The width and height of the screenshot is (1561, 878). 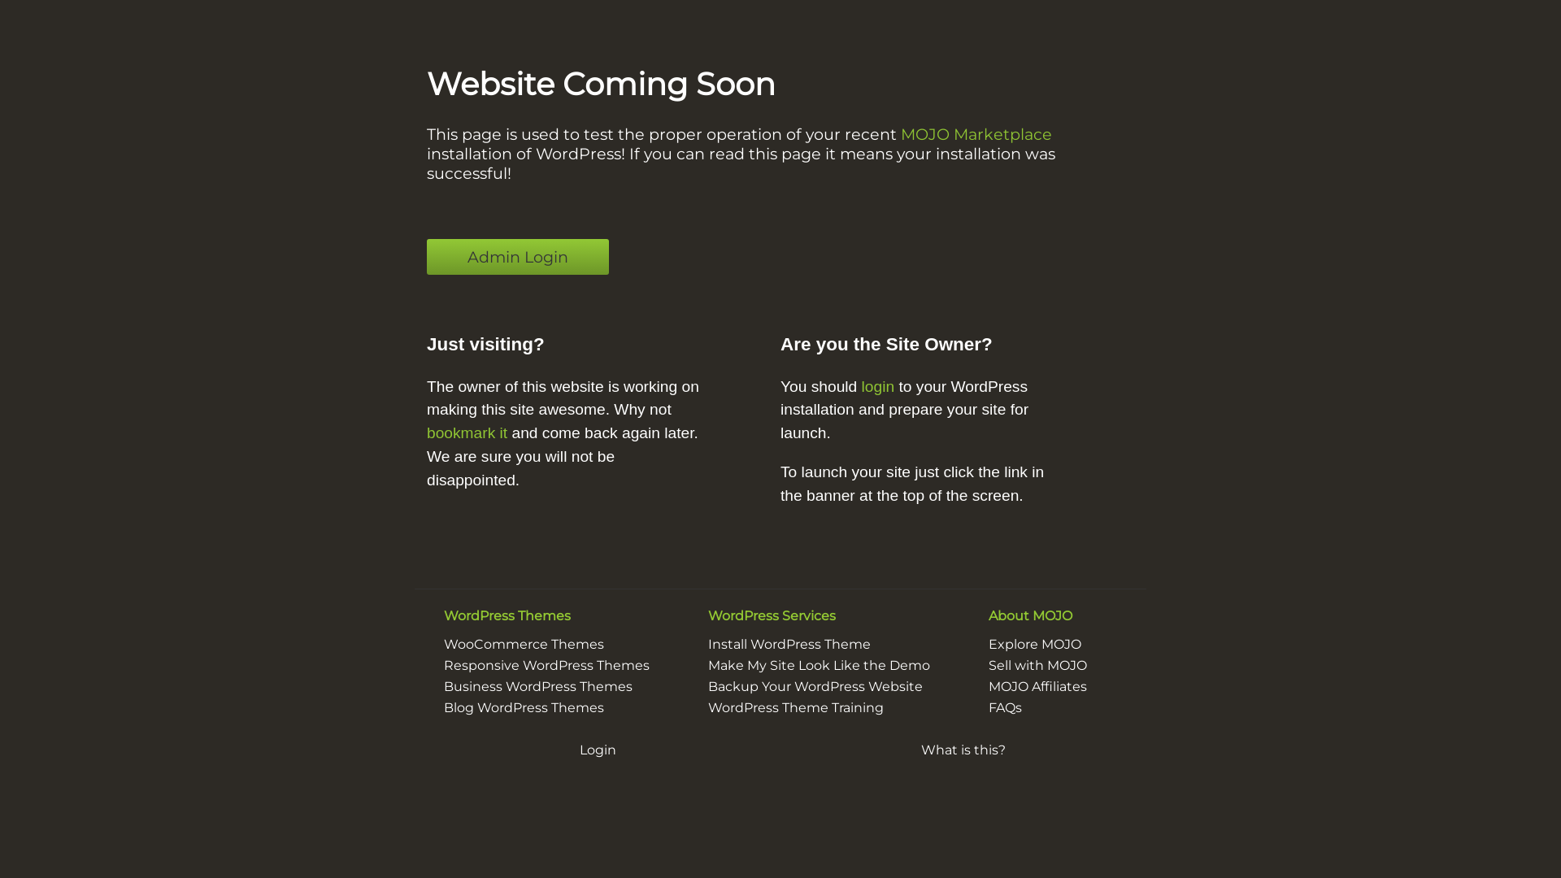 What do you see at coordinates (1033, 643) in the screenshot?
I see `'Explore MOJO'` at bounding box center [1033, 643].